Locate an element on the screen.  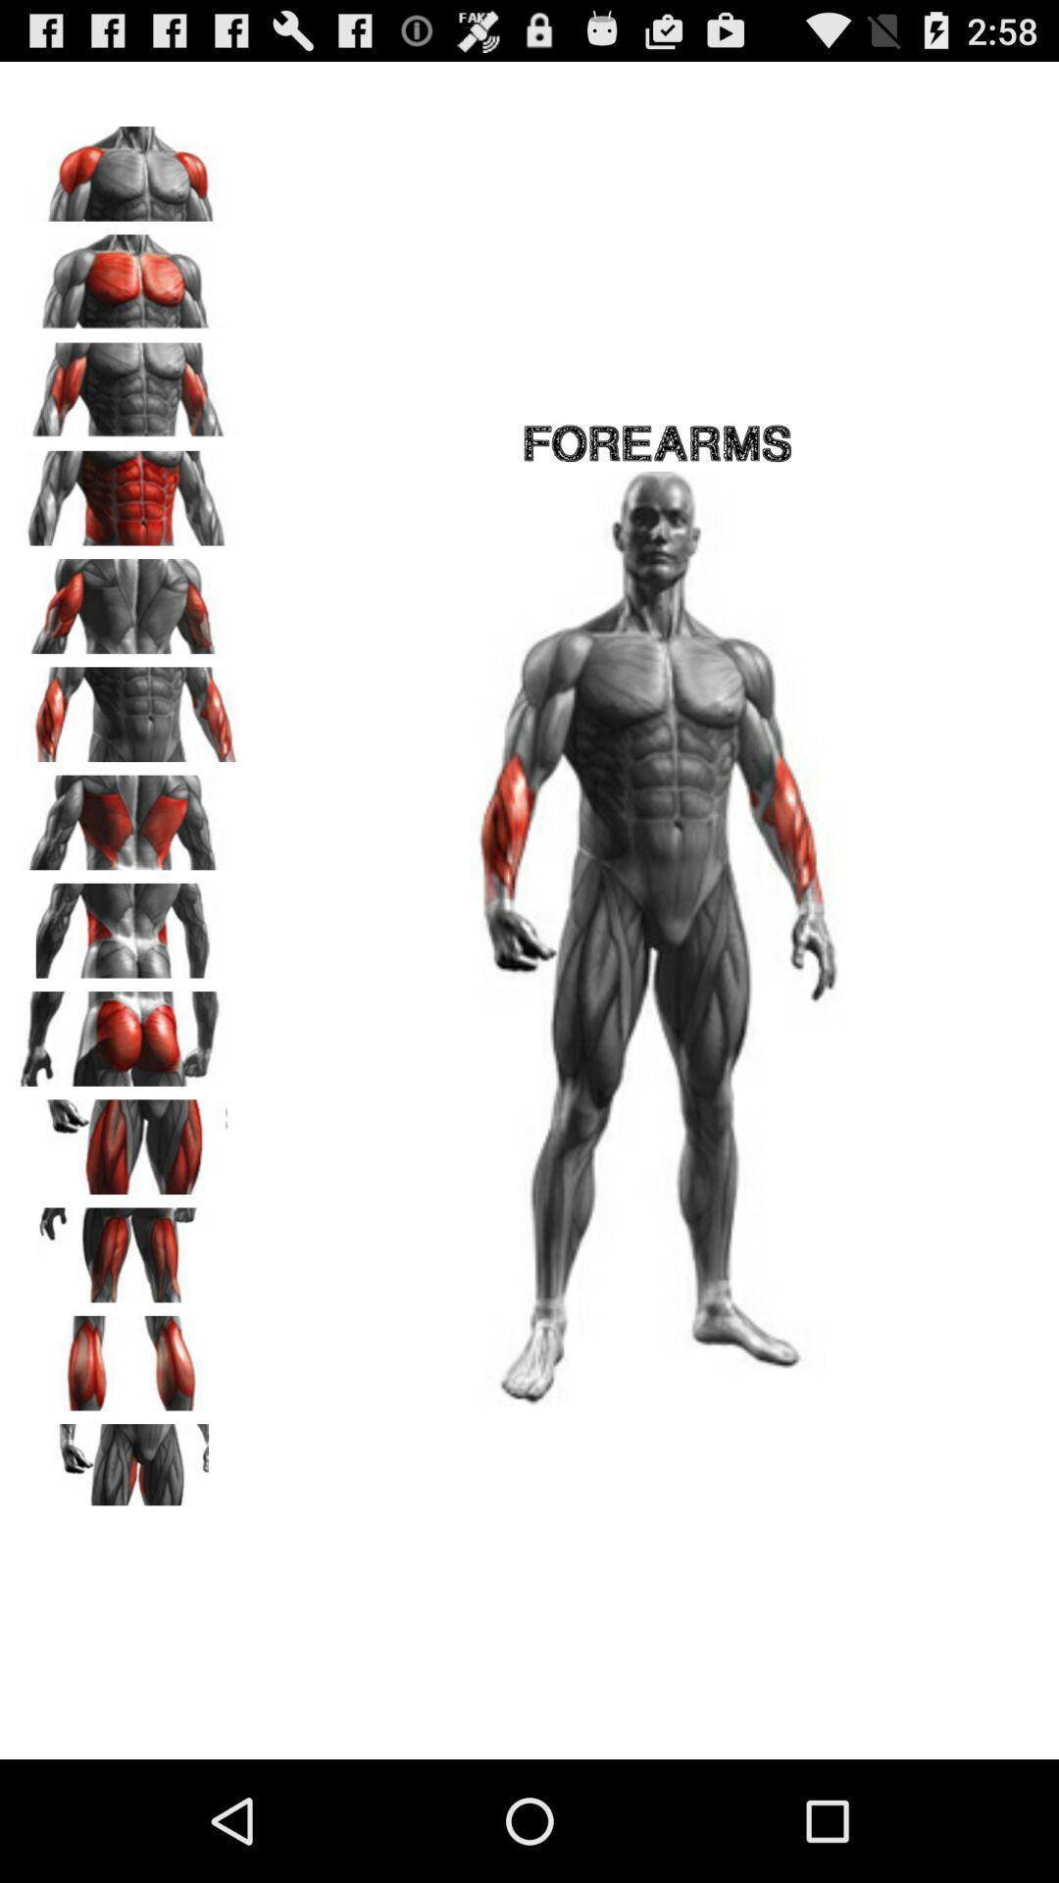
gluteus muscles is located at coordinates (128, 1031).